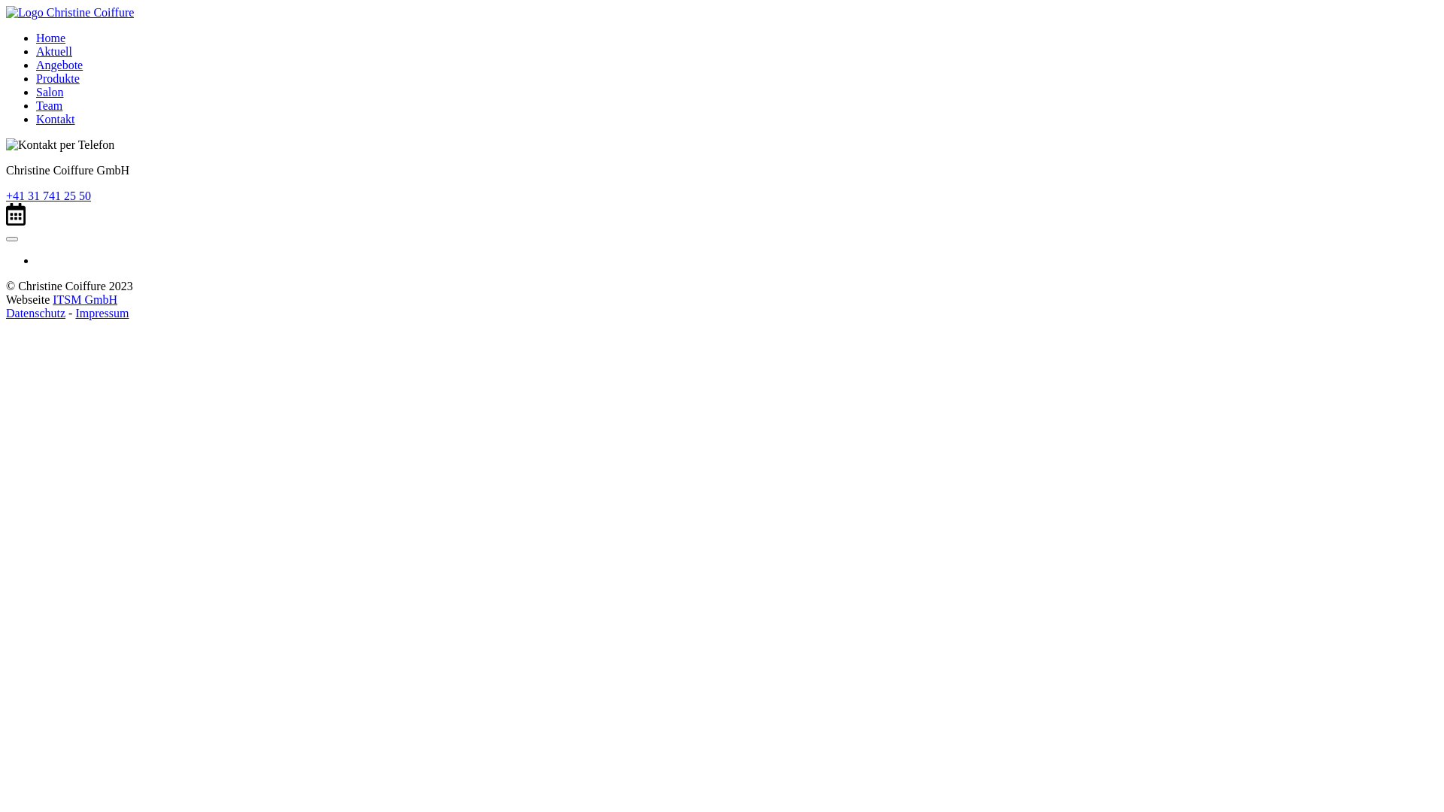  What do you see at coordinates (59, 64) in the screenshot?
I see `'Angebote'` at bounding box center [59, 64].